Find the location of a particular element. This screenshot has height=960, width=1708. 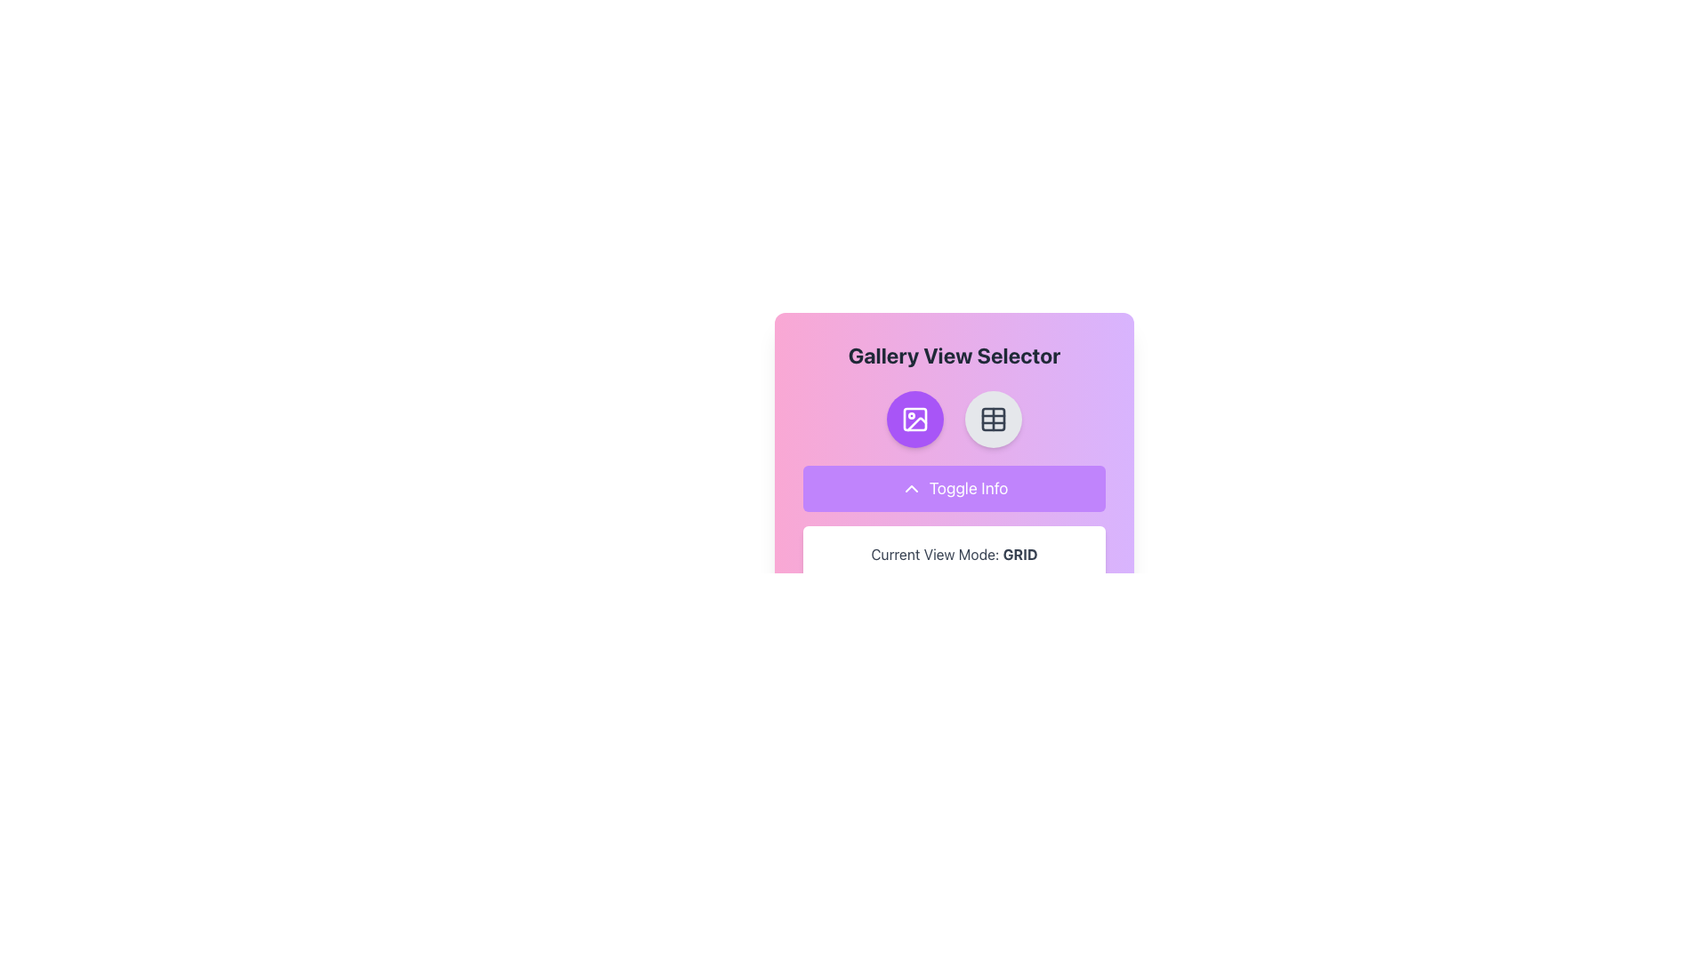

the circular button with a white background and a gray border that contains a grid icon is located at coordinates (993, 419).